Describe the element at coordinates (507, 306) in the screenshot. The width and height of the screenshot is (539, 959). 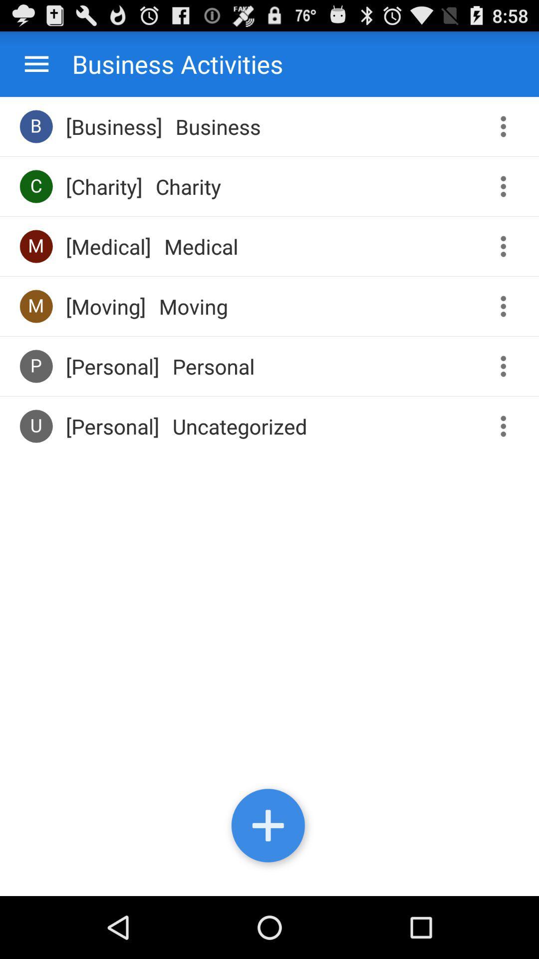
I see `more details` at that location.